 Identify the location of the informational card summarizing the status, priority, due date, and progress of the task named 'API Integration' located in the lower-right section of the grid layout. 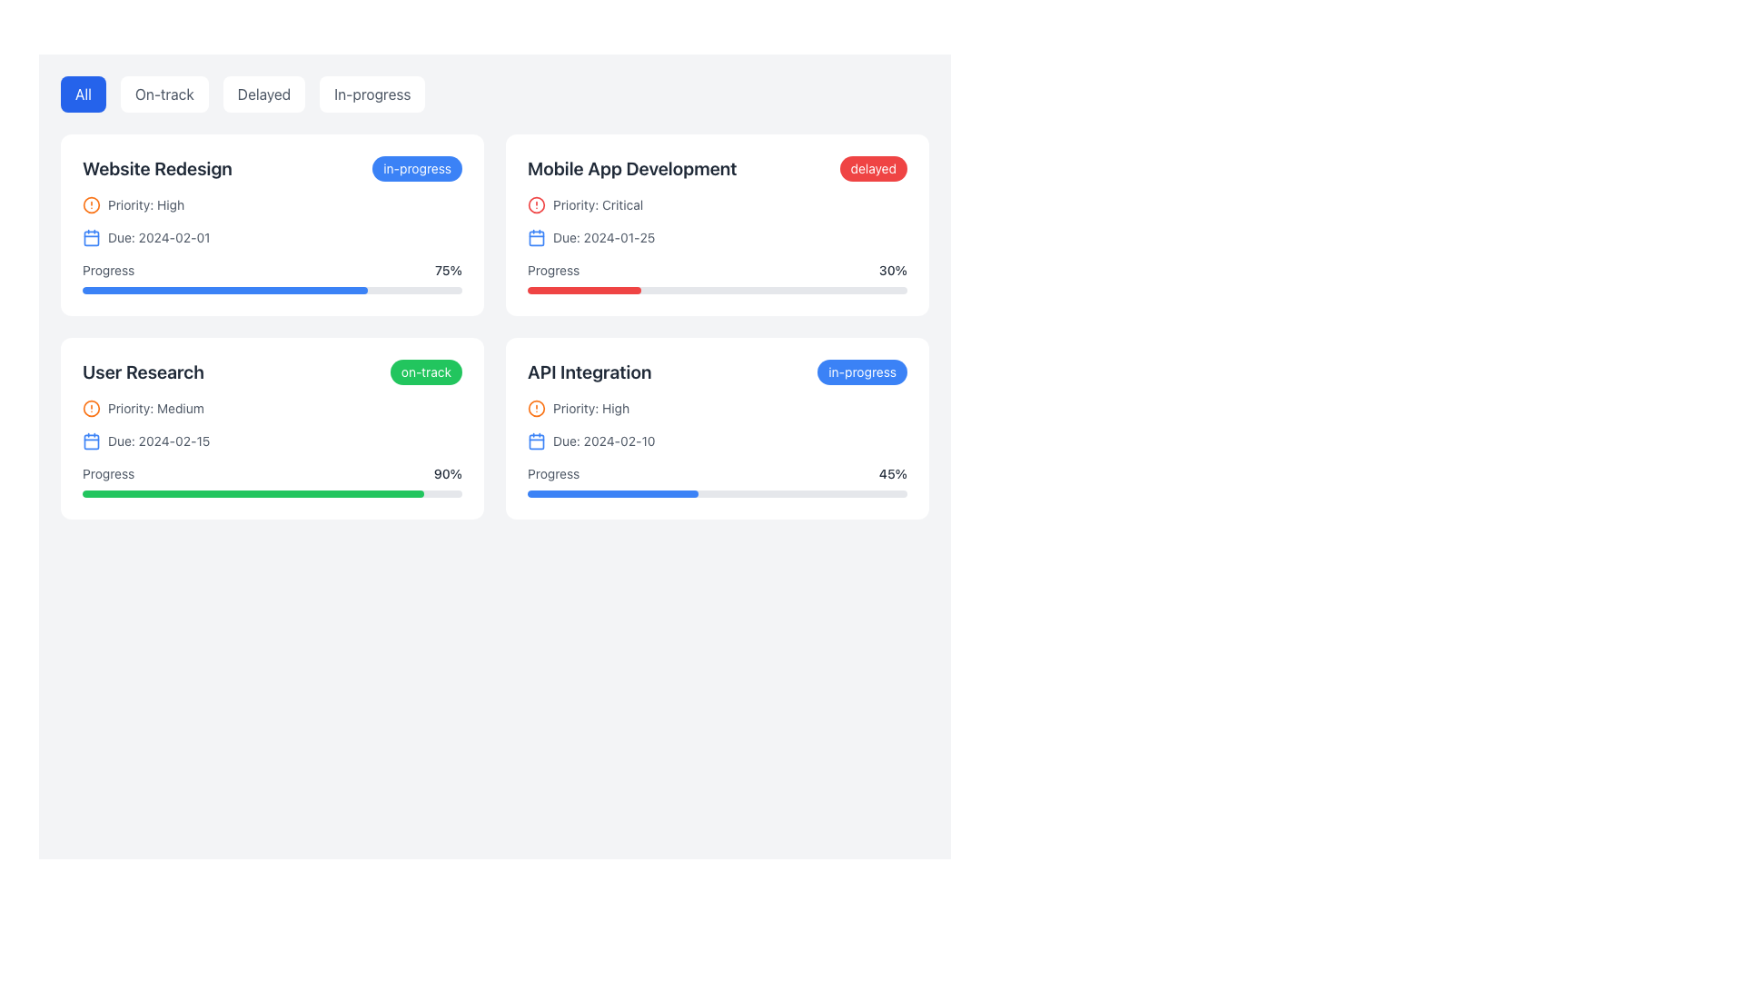
(717, 428).